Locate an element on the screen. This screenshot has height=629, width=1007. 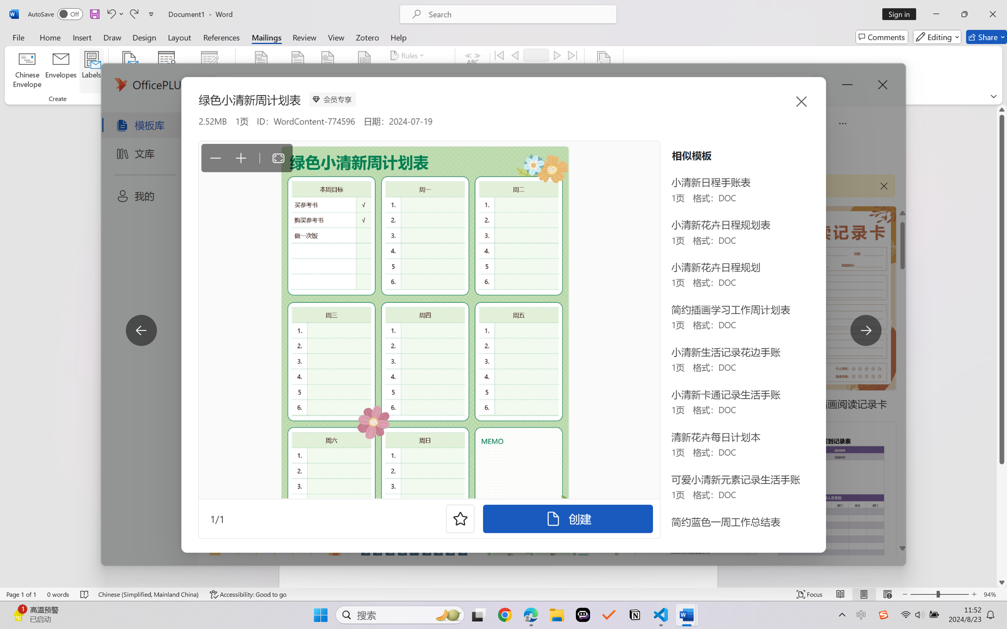
'Line up' is located at coordinates (1002, 109).